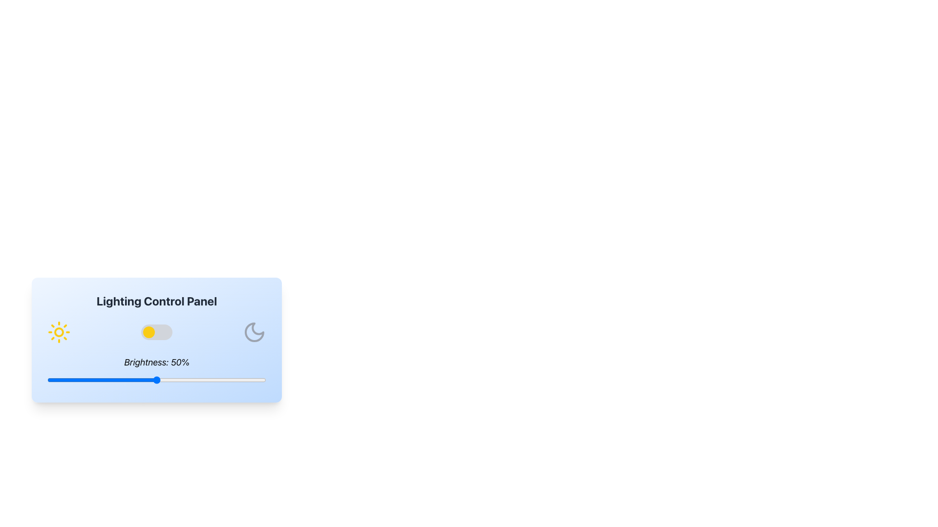  Describe the element at coordinates (195, 380) in the screenshot. I see `the brightness` at that location.